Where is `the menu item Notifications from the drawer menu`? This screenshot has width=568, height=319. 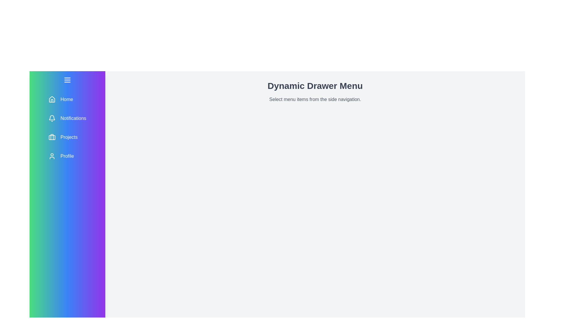 the menu item Notifications from the drawer menu is located at coordinates (67, 118).